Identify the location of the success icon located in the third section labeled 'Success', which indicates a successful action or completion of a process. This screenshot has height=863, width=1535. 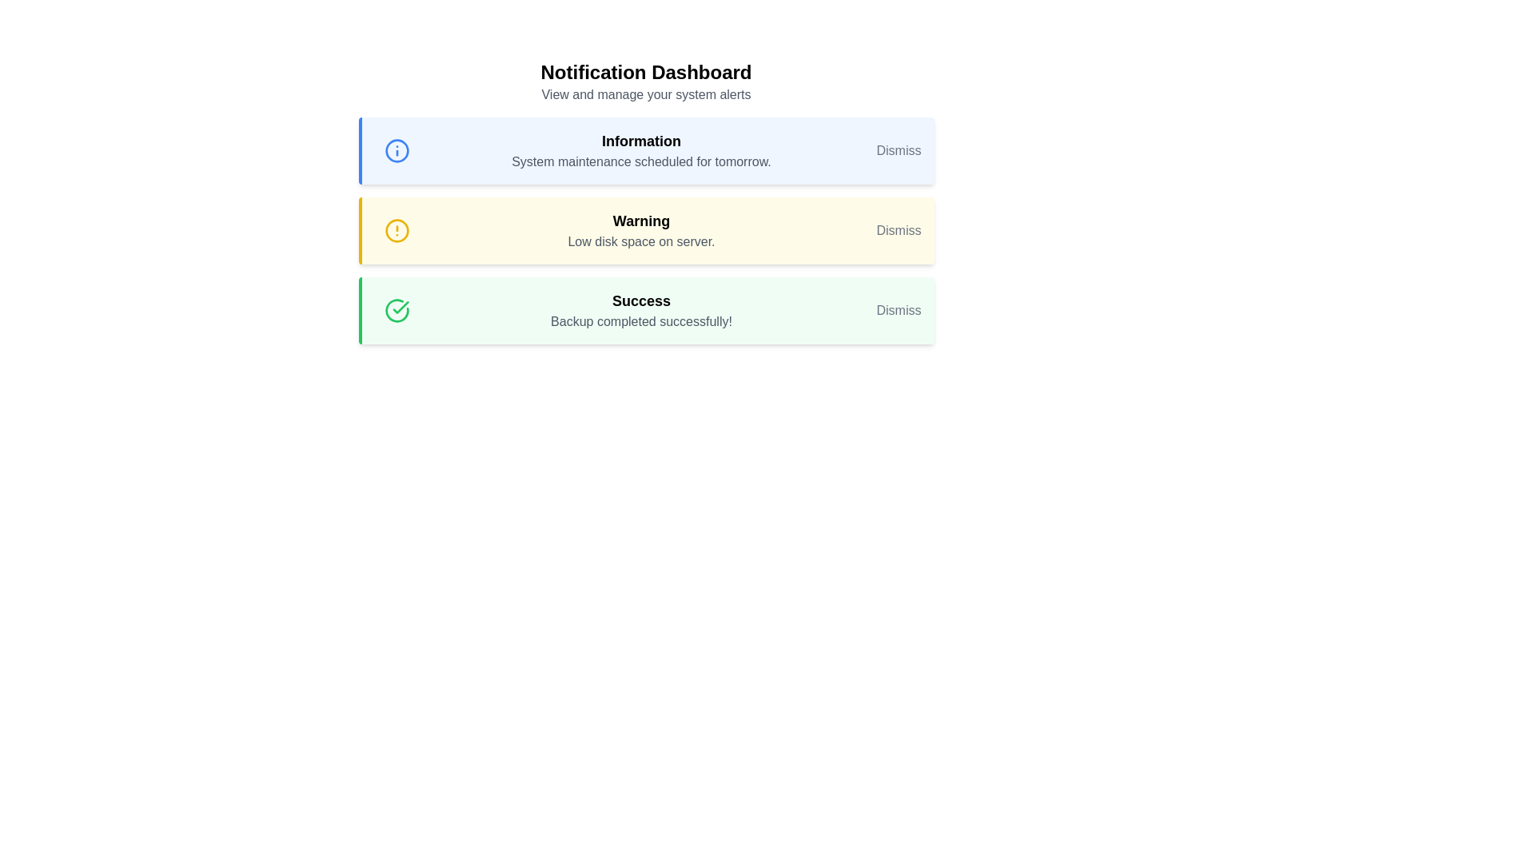
(401, 308).